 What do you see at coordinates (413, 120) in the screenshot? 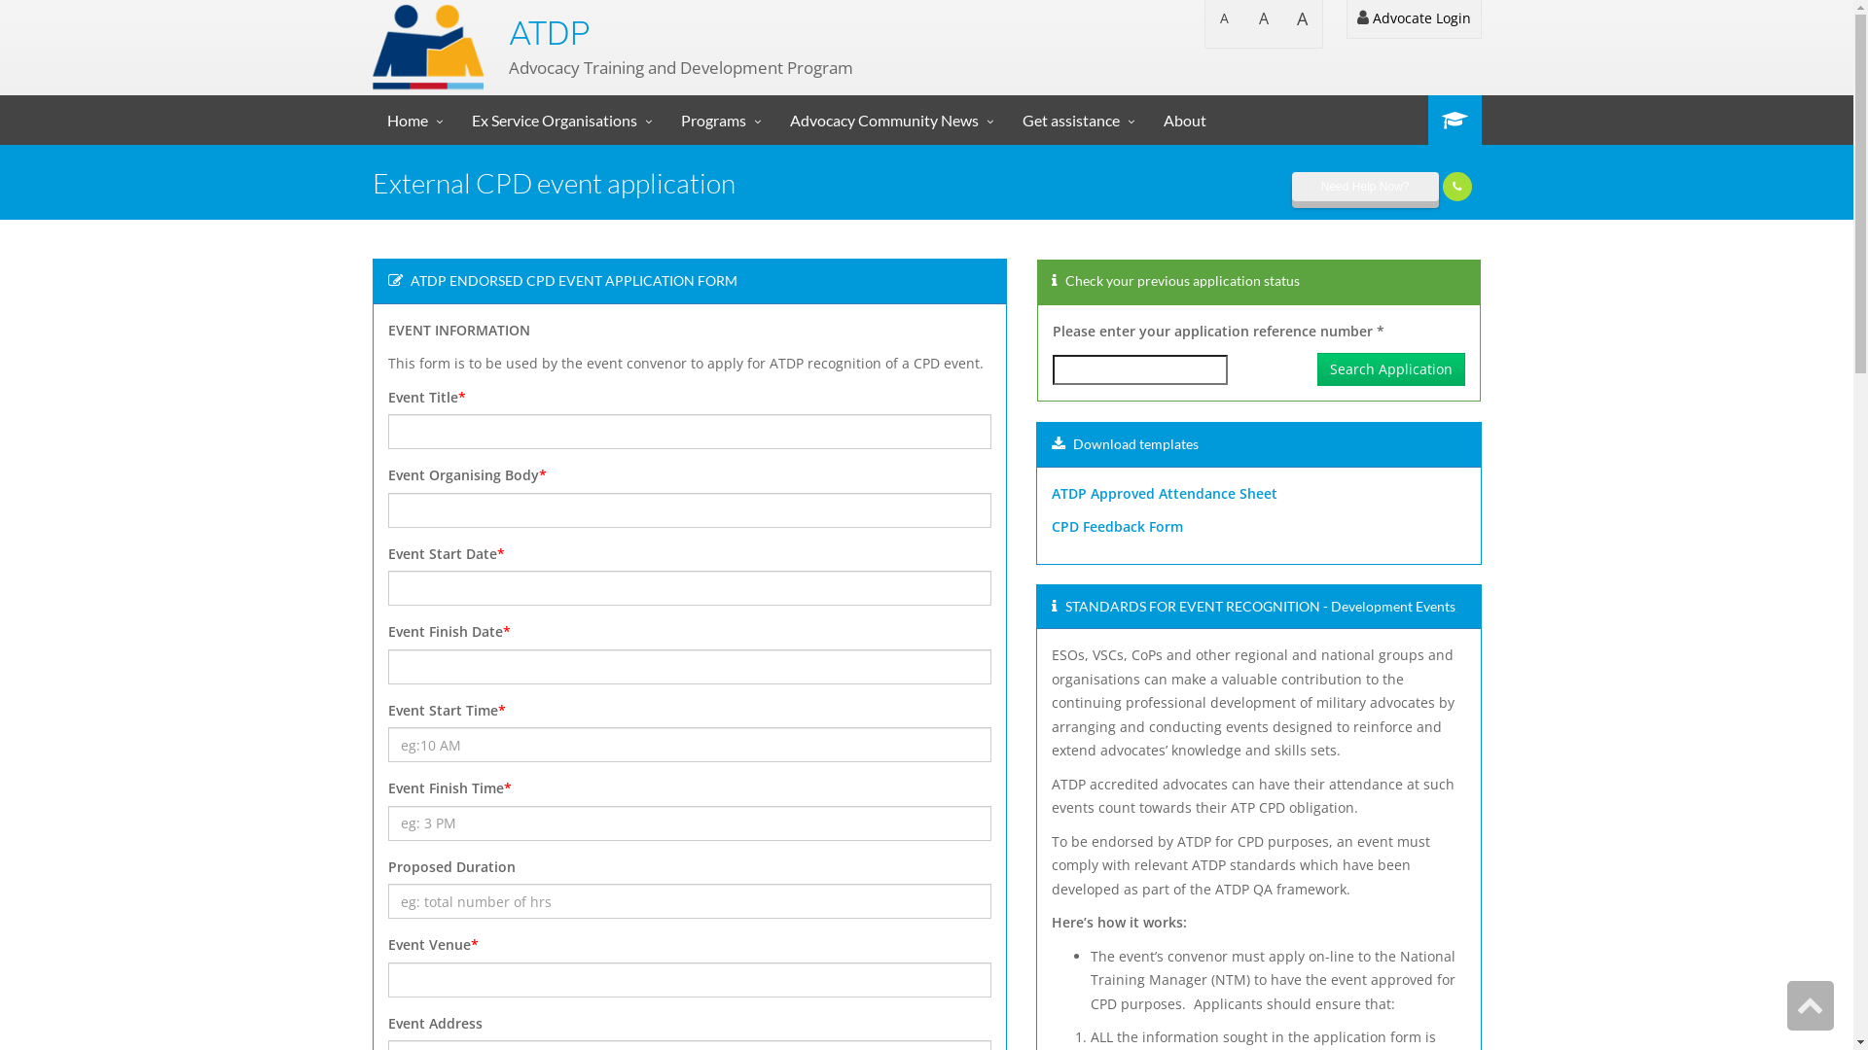
I see `'Home'` at bounding box center [413, 120].